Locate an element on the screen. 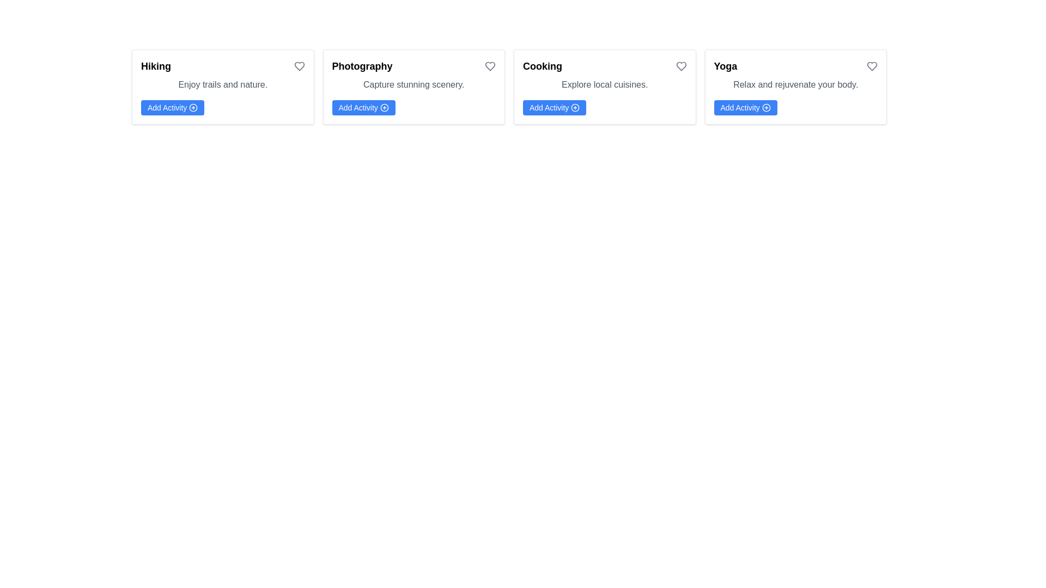 Image resolution: width=1046 pixels, height=588 pixels. the blue circular icon with a plus sign inside the 'Add Activity' button located under the 'Cooking' category to observe the hover effects is located at coordinates (575, 107).